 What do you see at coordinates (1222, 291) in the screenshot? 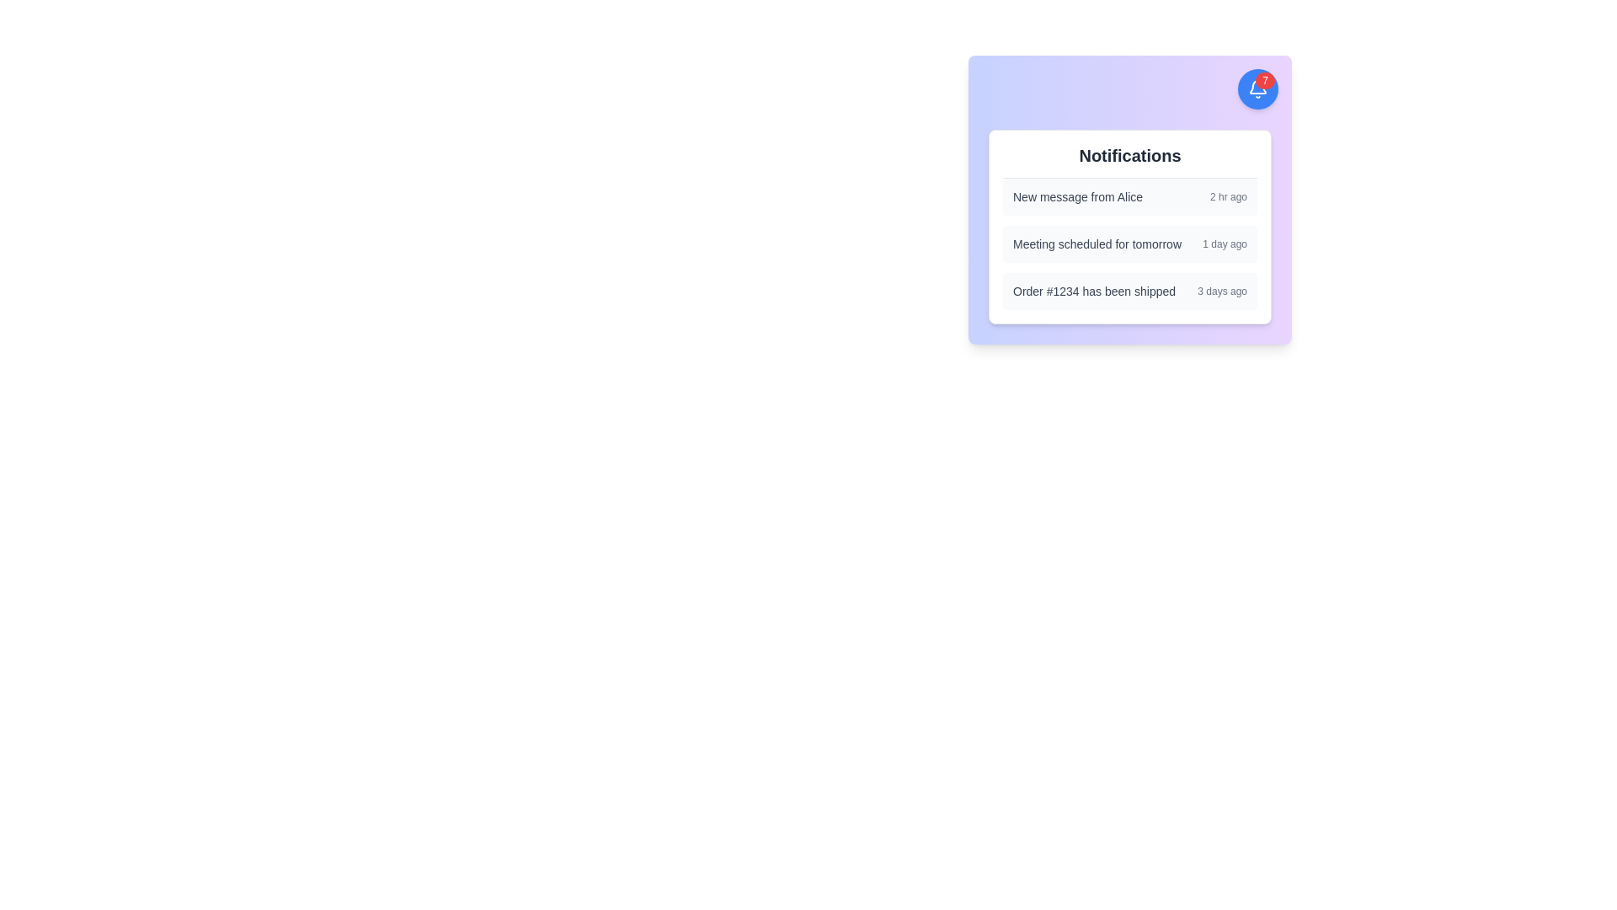
I see `the timestamp text label in the 'Order #1234 has been shipped' notification box, located to the far right of the message text` at bounding box center [1222, 291].